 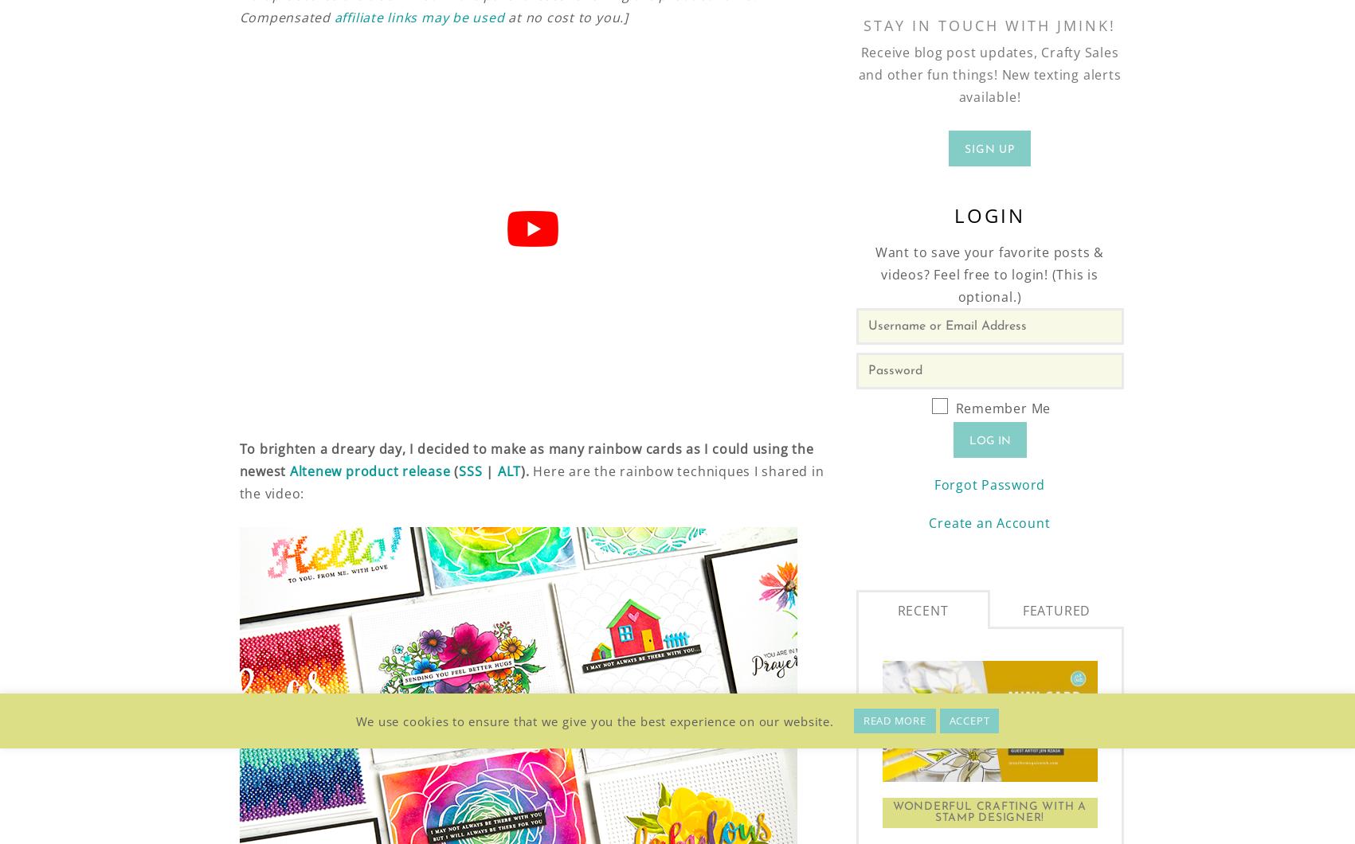 I want to click on '(', so click(x=450, y=471).